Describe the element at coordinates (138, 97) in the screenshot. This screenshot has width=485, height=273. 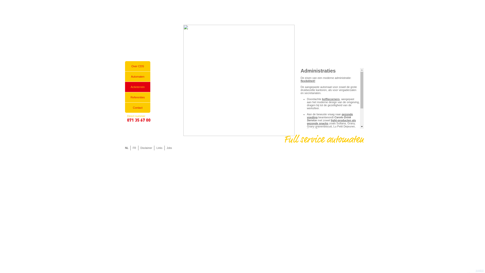
I see `'Referenties'` at that location.